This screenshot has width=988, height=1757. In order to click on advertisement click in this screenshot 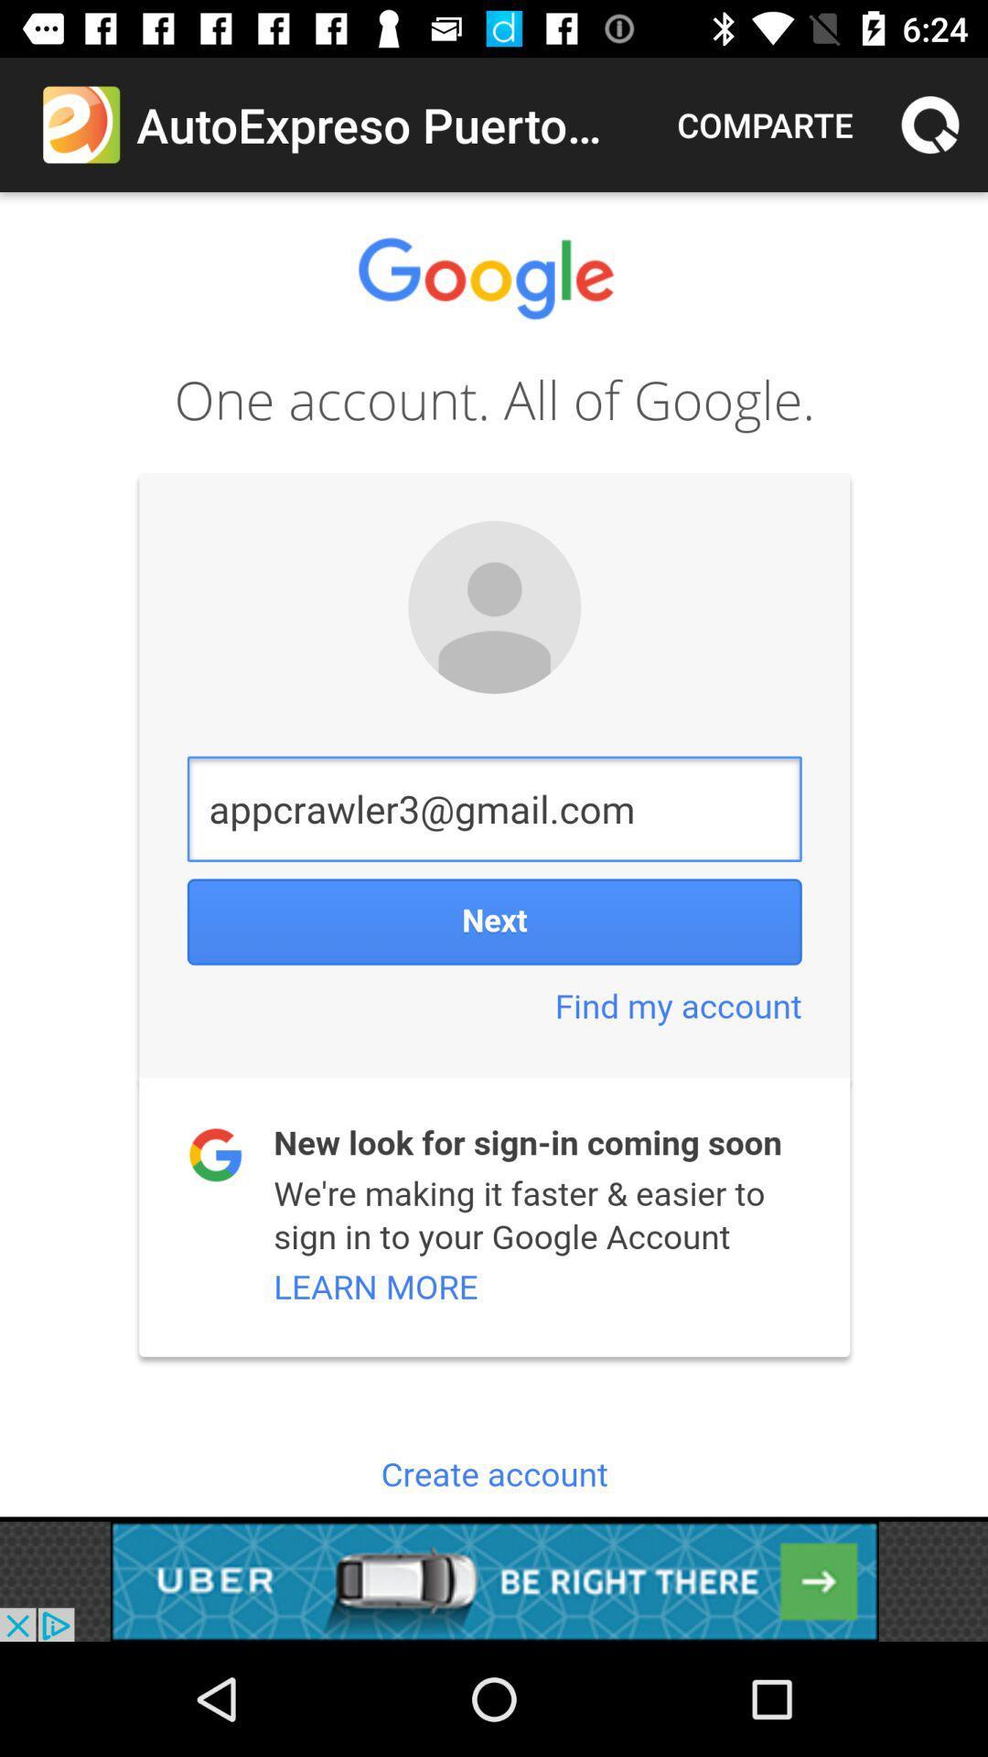, I will do `click(494, 1580)`.